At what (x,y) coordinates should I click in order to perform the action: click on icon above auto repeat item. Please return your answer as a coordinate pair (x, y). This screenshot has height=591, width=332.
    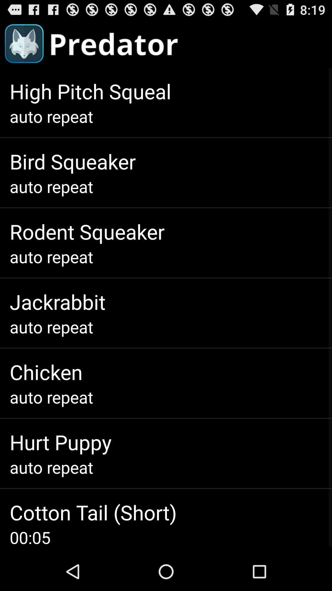
    Looking at the image, I should click on (57, 302).